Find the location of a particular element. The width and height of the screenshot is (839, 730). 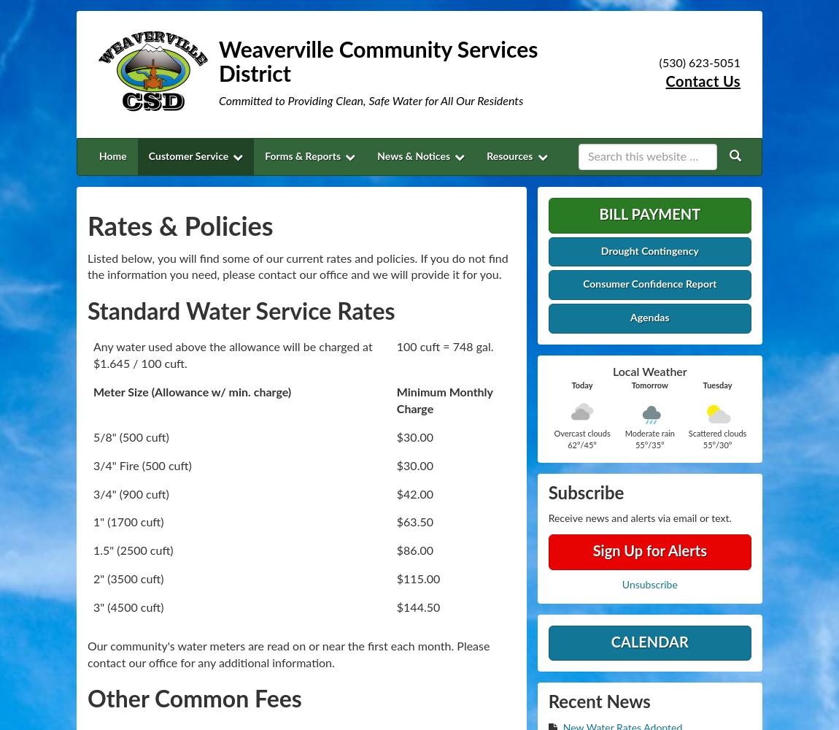

'$115.00' is located at coordinates (418, 580).